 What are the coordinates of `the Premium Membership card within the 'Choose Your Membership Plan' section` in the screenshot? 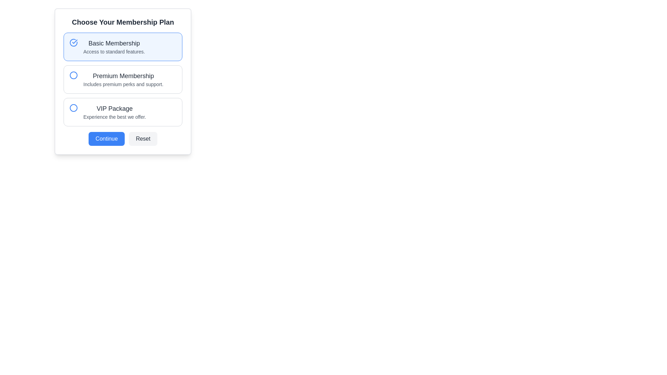 It's located at (123, 81).